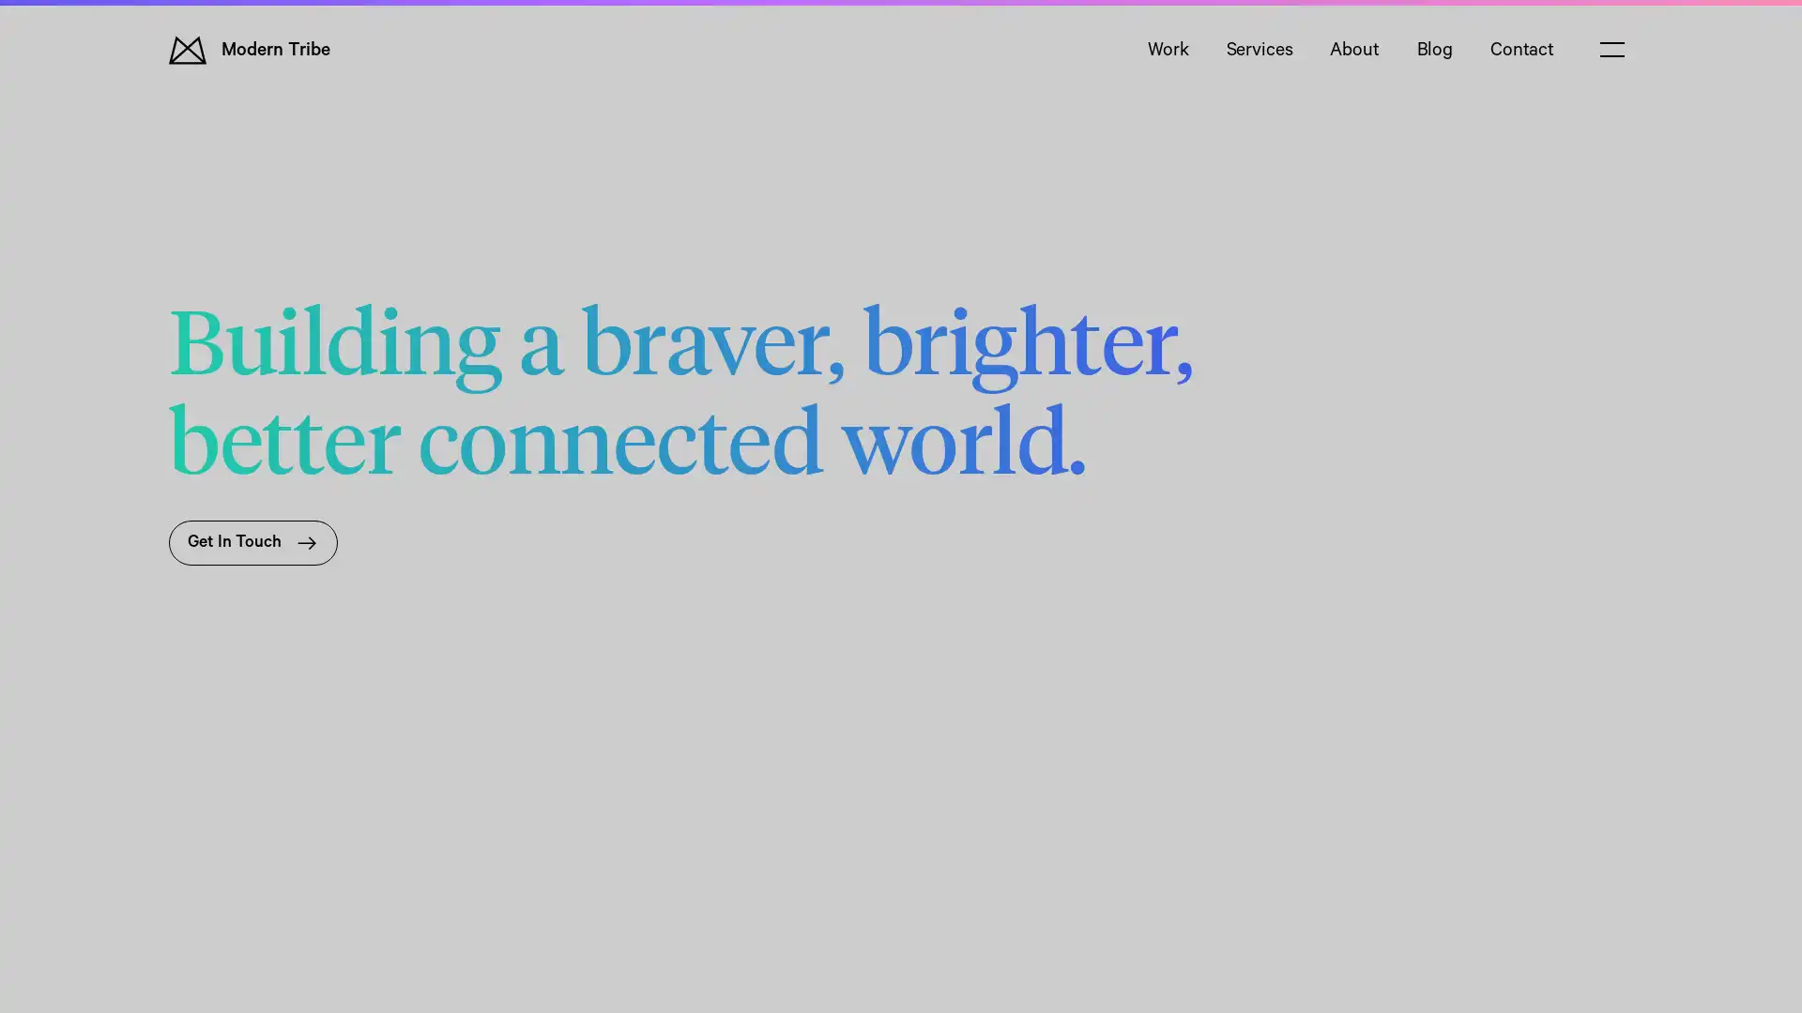 This screenshot has height=1013, width=1802. I want to click on Menu Button, so click(1611, 49).